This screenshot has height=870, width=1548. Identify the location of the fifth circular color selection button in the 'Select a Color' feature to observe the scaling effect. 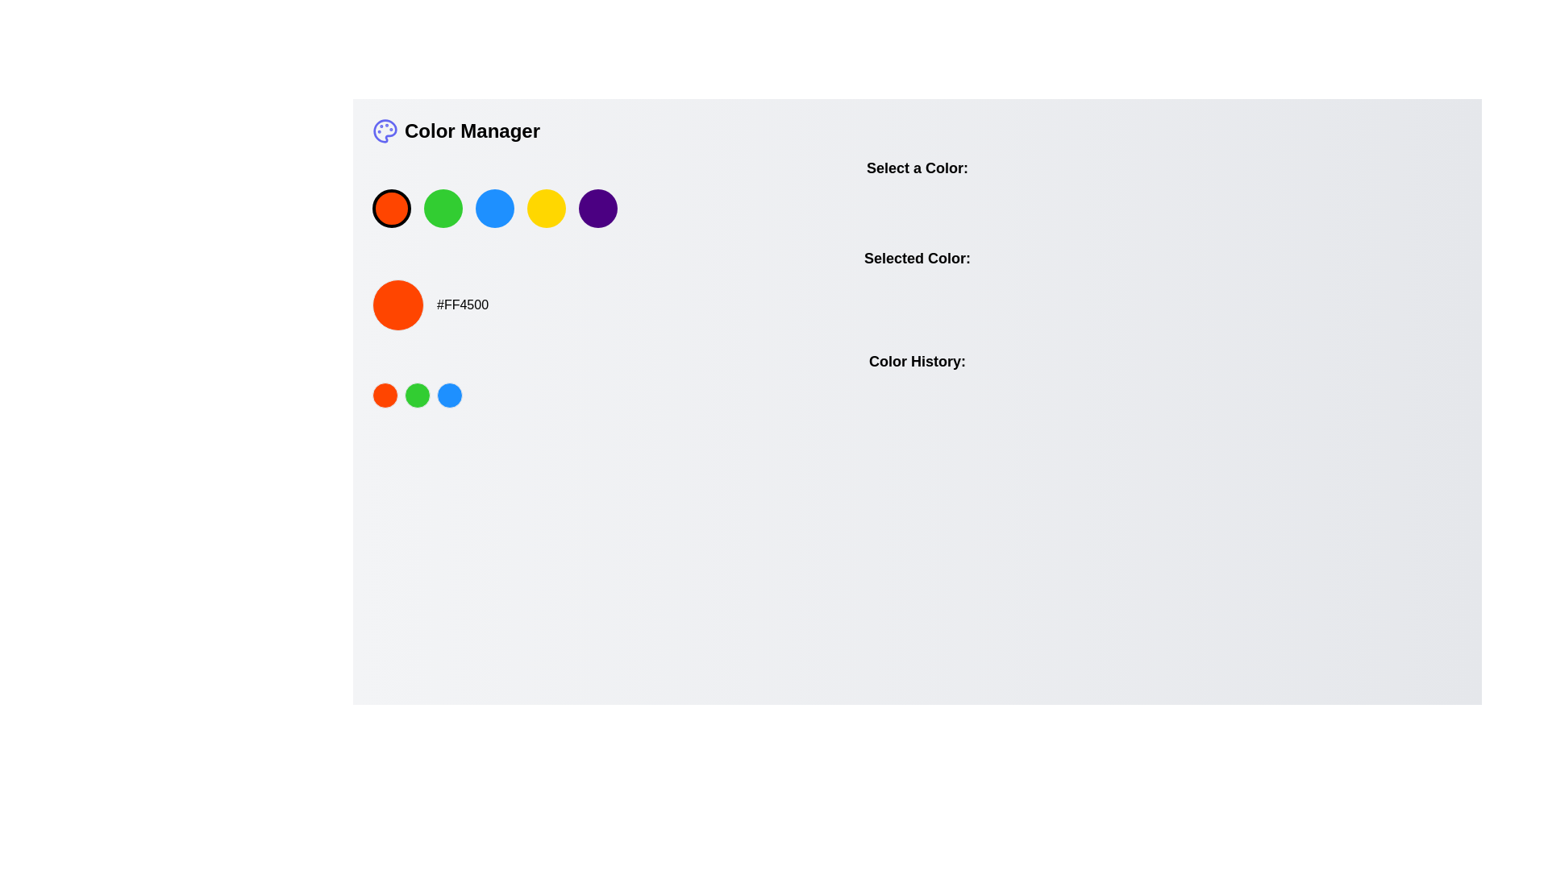
(597, 207).